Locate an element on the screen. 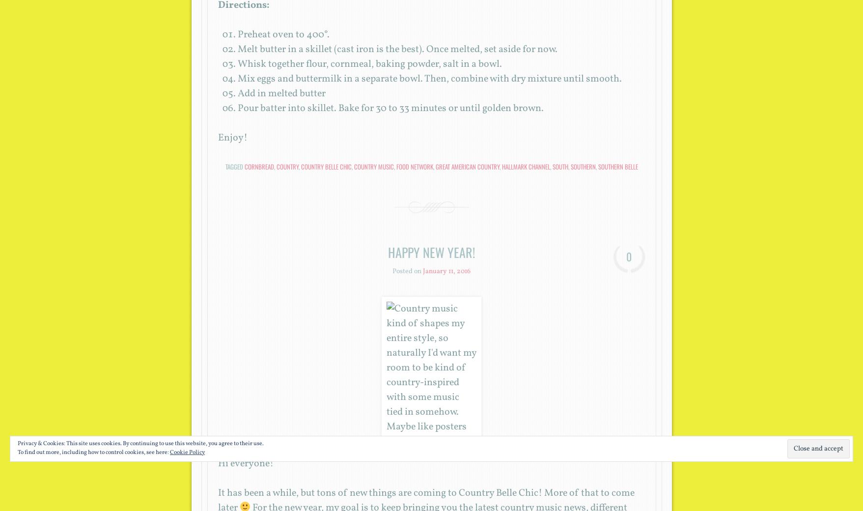  'Mix eggs and buttermilk in a separate bowl. Then, combine with dry mixture until smooth.' is located at coordinates (236, 79).